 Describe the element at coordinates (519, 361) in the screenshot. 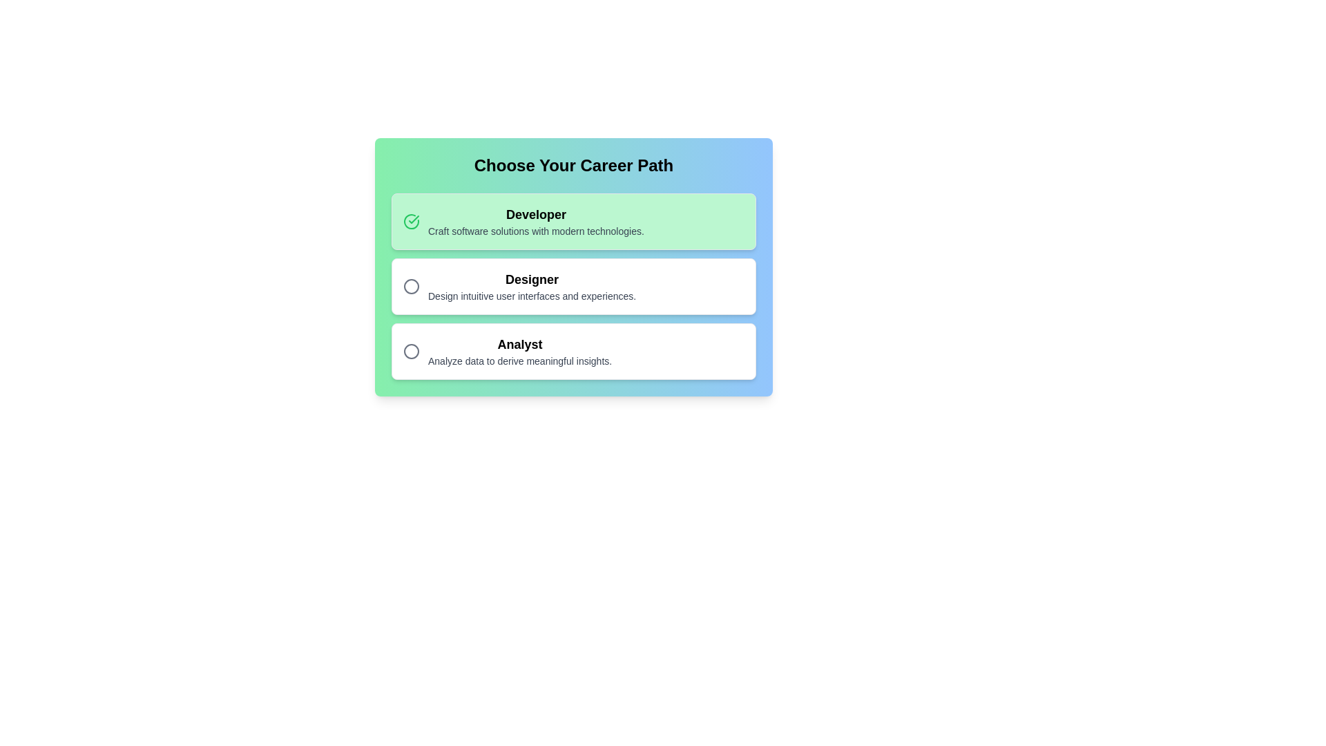

I see `the Text Block element displaying 'Analyze data to derive meaningful insights.' which is located directly below the 'Analyst' label` at that location.